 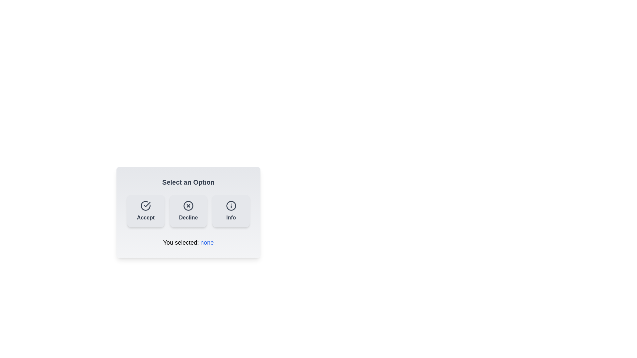 What do you see at coordinates (145, 211) in the screenshot?
I see `the 'Accept' button to select the 'Accept' option` at bounding box center [145, 211].